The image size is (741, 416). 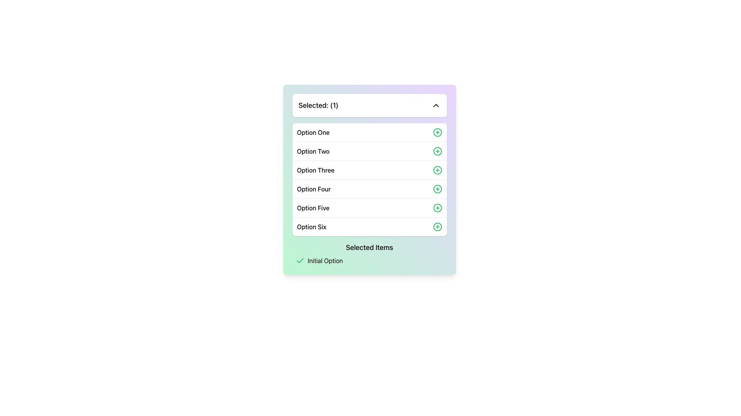 What do you see at coordinates (371, 260) in the screenshot?
I see `the list item labeled 'Initial Option' which is visually distinguished by a checkmark indicating its active status, located in the 'Selected Items' section at the bottom of the interface` at bounding box center [371, 260].